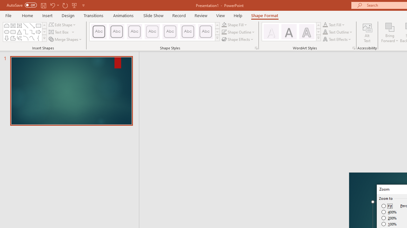  What do you see at coordinates (353, 47) in the screenshot?
I see `'Format Text Effects...'` at bounding box center [353, 47].